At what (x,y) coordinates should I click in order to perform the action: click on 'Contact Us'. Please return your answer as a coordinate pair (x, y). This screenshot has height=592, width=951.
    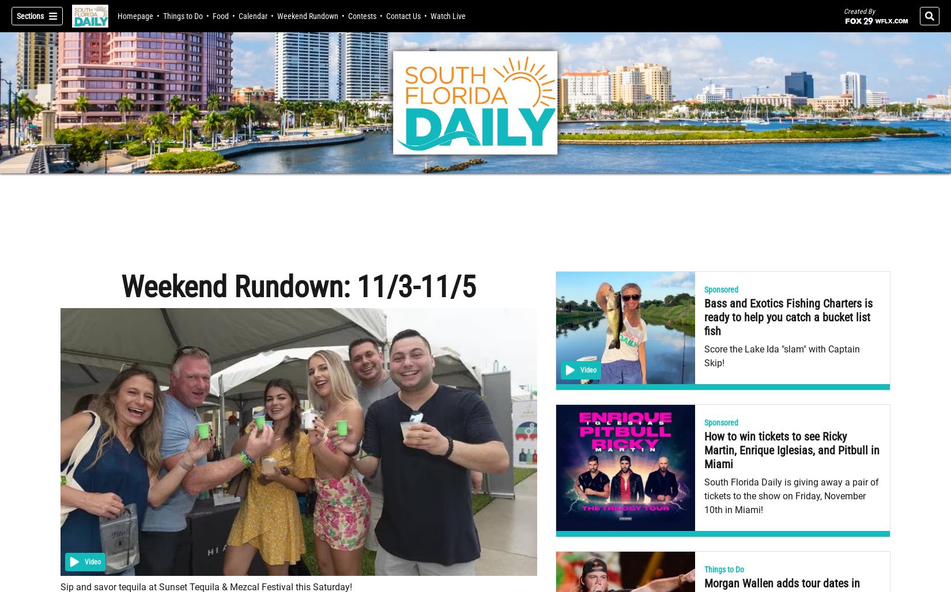
    Looking at the image, I should click on (402, 16).